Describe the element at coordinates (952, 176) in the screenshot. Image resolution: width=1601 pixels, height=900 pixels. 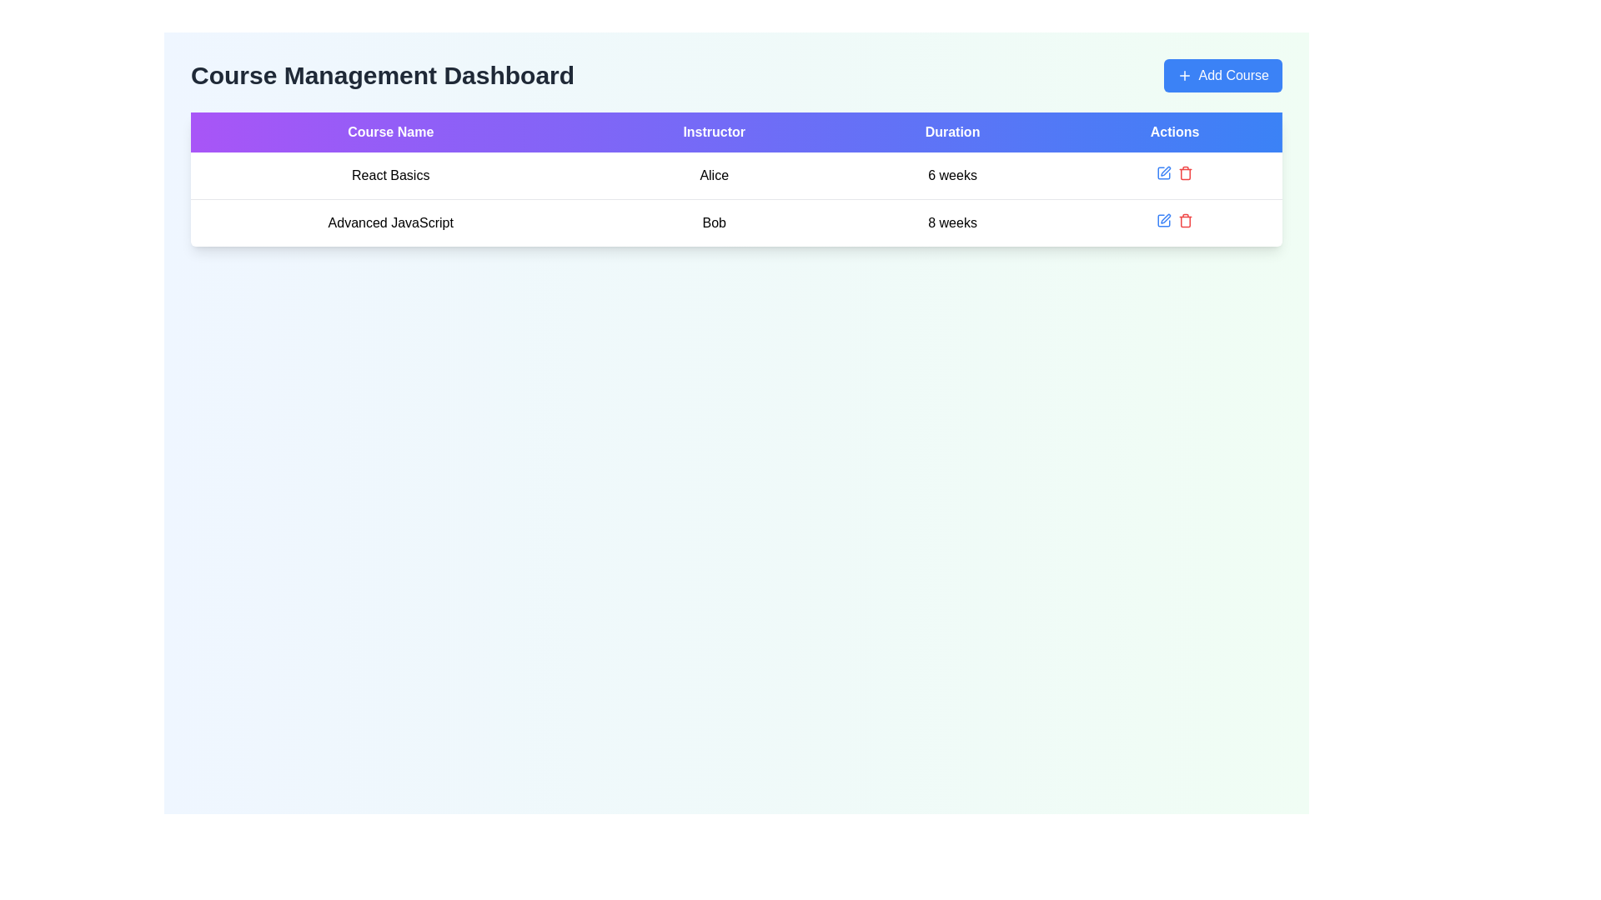
I see `the static text label displaying the duration of the course 'React Basics', located in the third column of the first row` at that location.